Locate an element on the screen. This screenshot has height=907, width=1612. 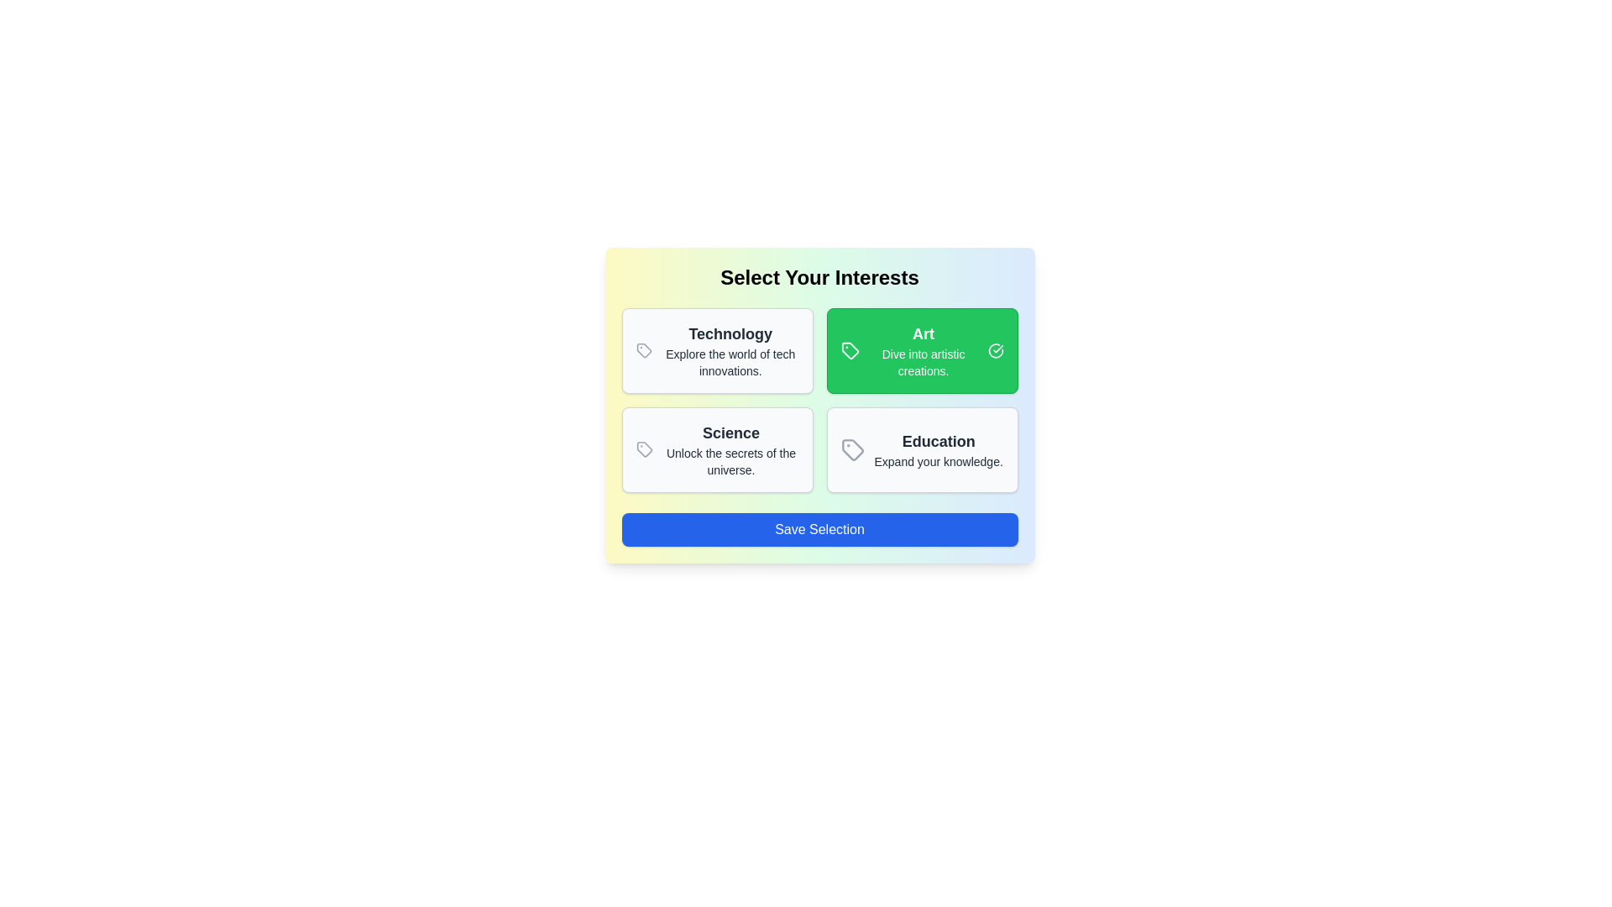
the category card for Education is located at coordinates (921, 449).